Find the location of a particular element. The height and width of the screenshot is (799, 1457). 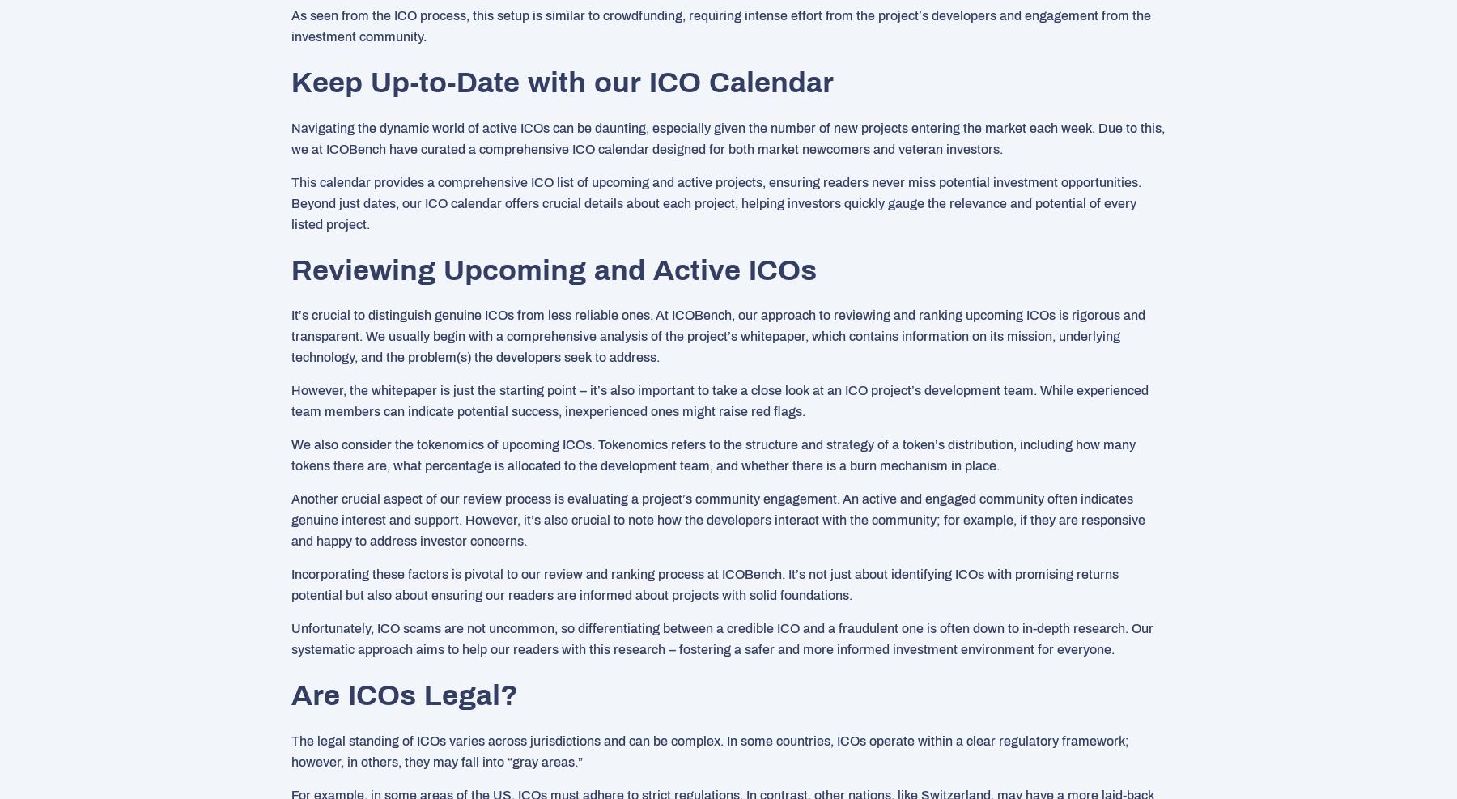

'Incorporating these factors is pivotal to our review and ranking process at ICOBench. It’s not just about identifying ICOs with promising returns potential but also about ensuring our readers are informed about projects with solid foundations.' is located at coordinates (705, 584).